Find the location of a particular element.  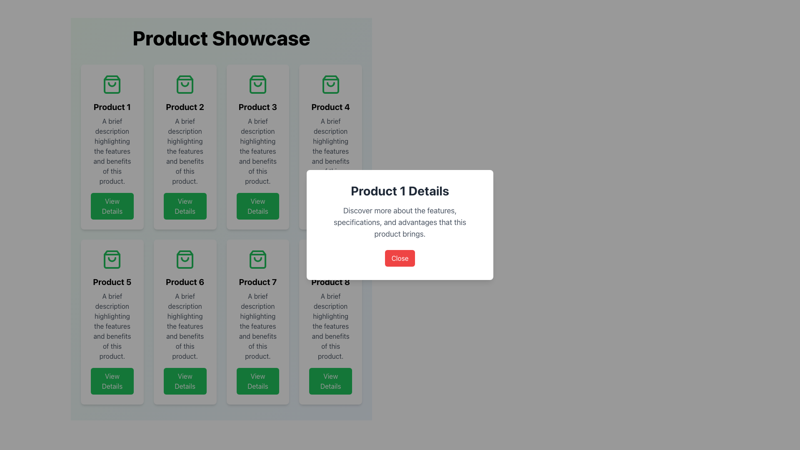

the button that allows users is located at coordinates (257, 206).